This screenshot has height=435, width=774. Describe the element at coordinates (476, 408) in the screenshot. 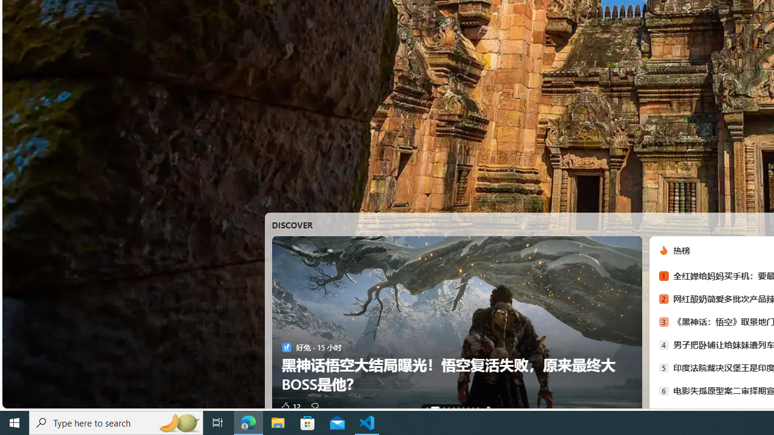

I see `'AutomationID: tab-9'` at that location.